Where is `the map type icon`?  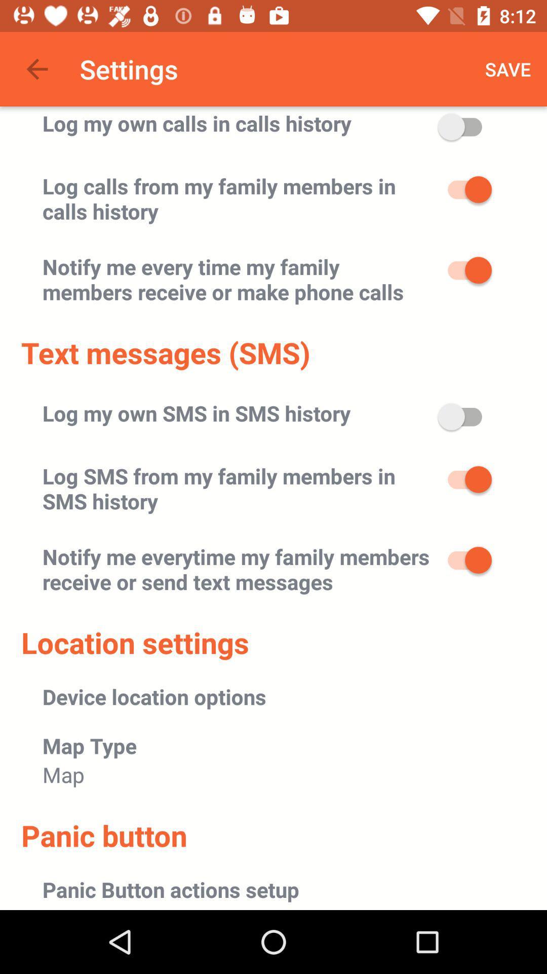
the map type icon is located at coordinates (89, 745).